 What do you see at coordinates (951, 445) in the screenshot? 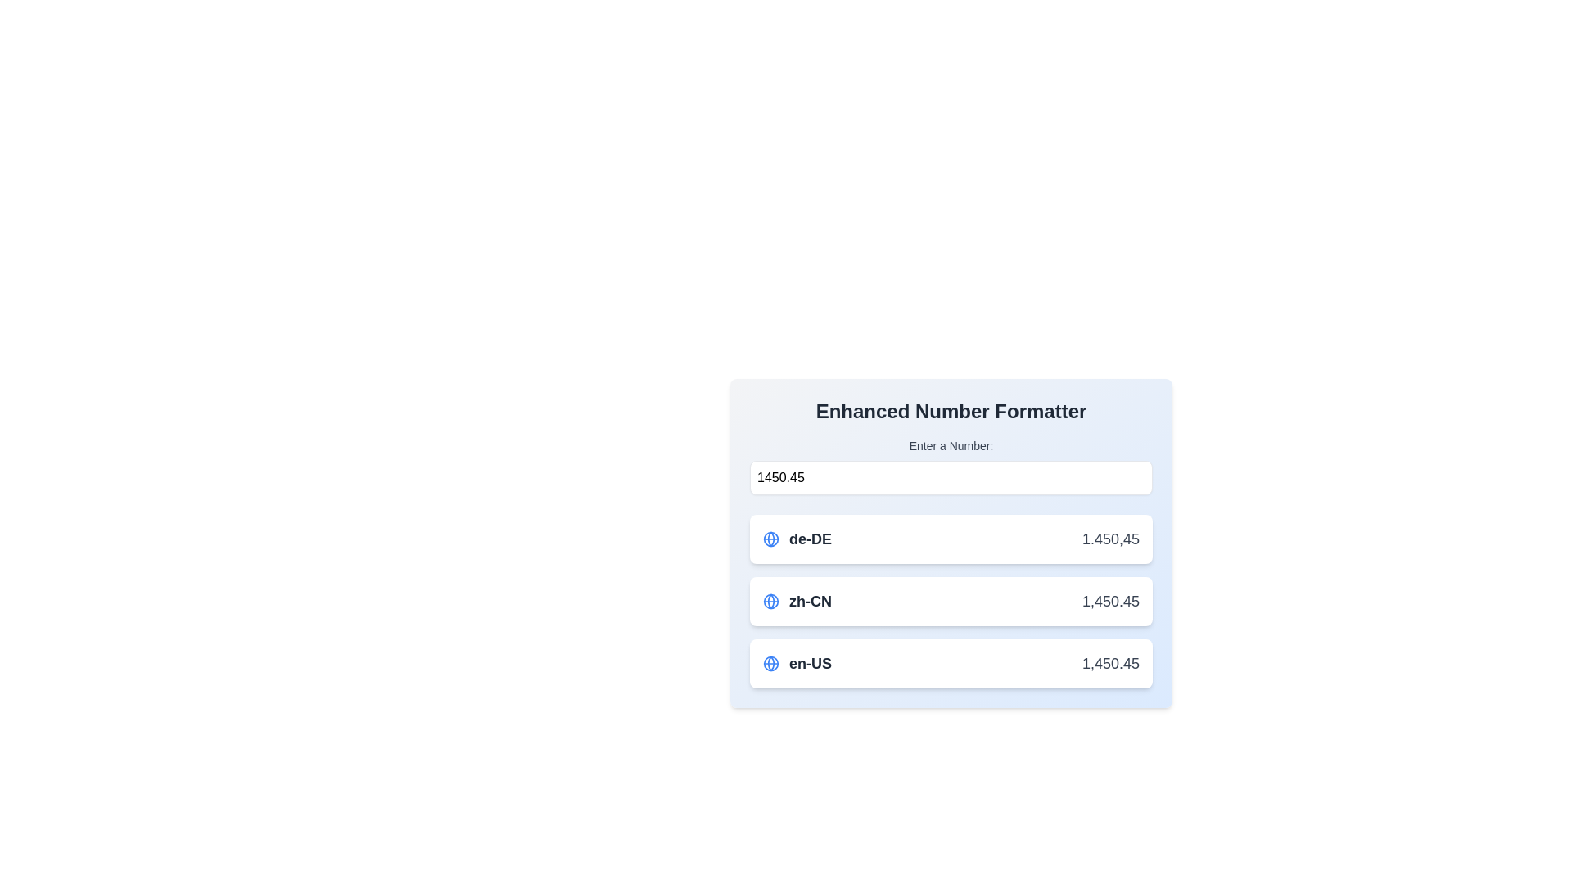
I see `the Text Label that instructs the user to enter a number in the input field below, which is positioned at the top of the form section` at bounding box center [951, 445].